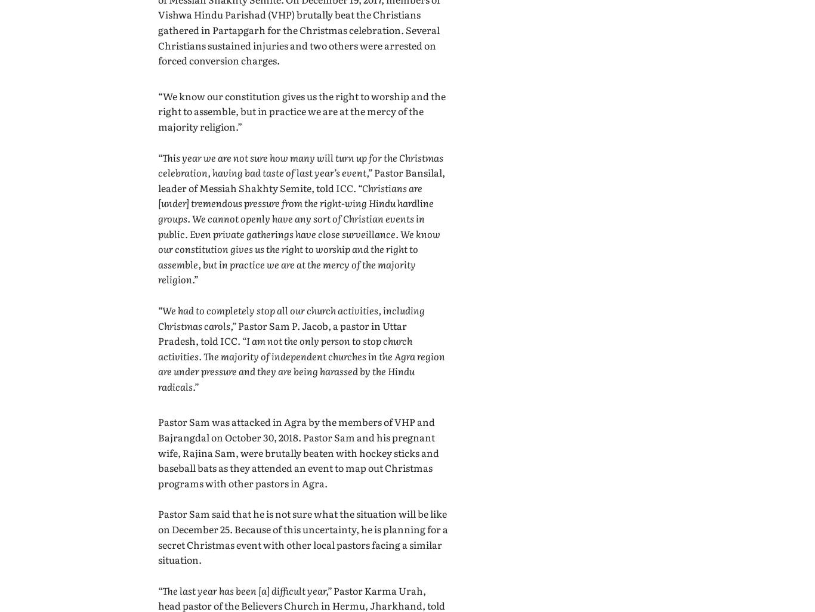 The width and height of the screenshot is (815, 612). Describe the element at coordinates (245, 589) in the screenshot. I see `'“The last year has been [a] difficult year,”'` at that location.